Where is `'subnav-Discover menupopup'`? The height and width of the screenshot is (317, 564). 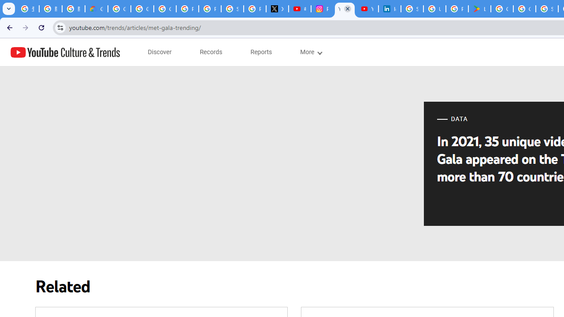
'subnav-Discover menupopup' is located at coordinates (160, 52).